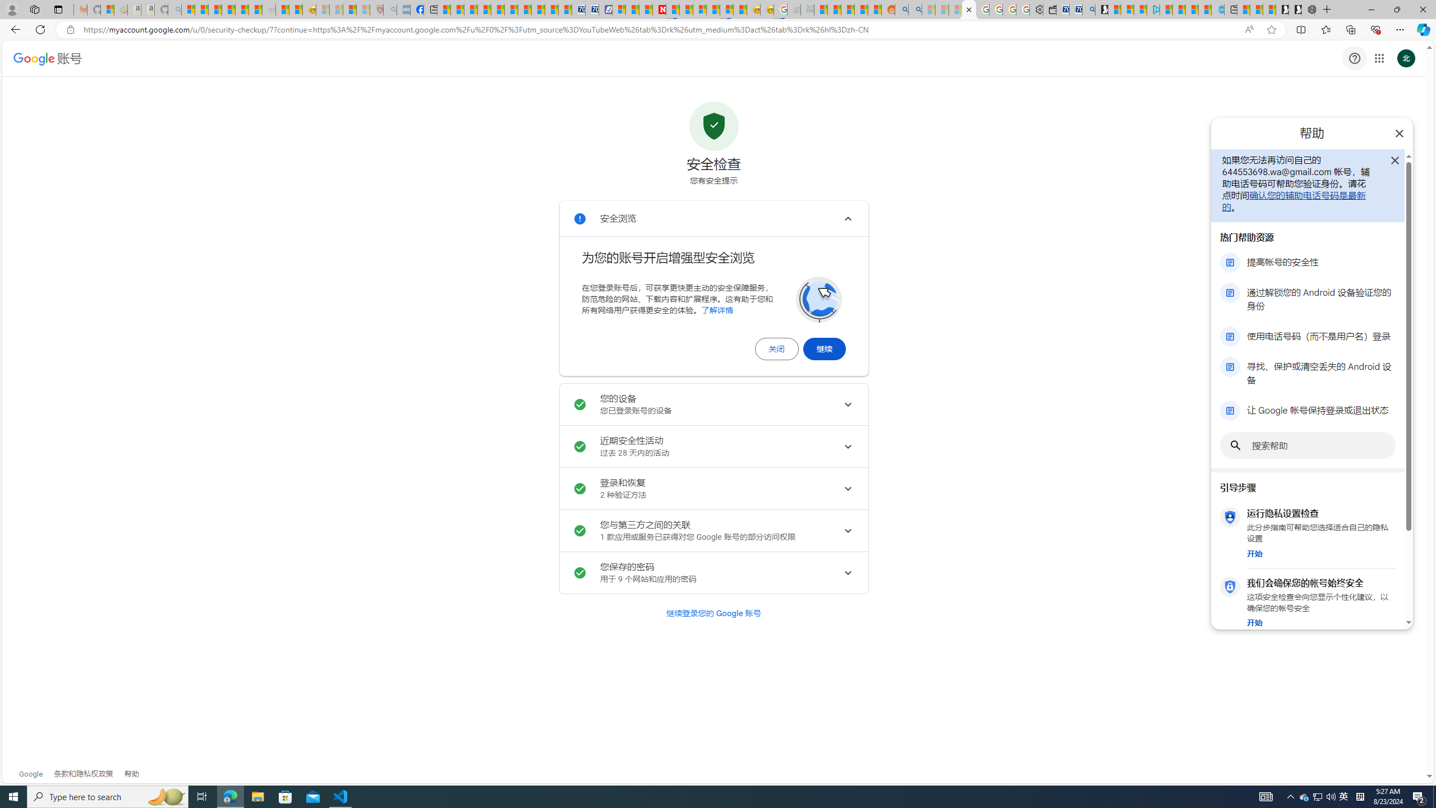 This screenshot has width=1436, height=808. I want to click on 'Utah sues federal government - Search', so click(914, 9).